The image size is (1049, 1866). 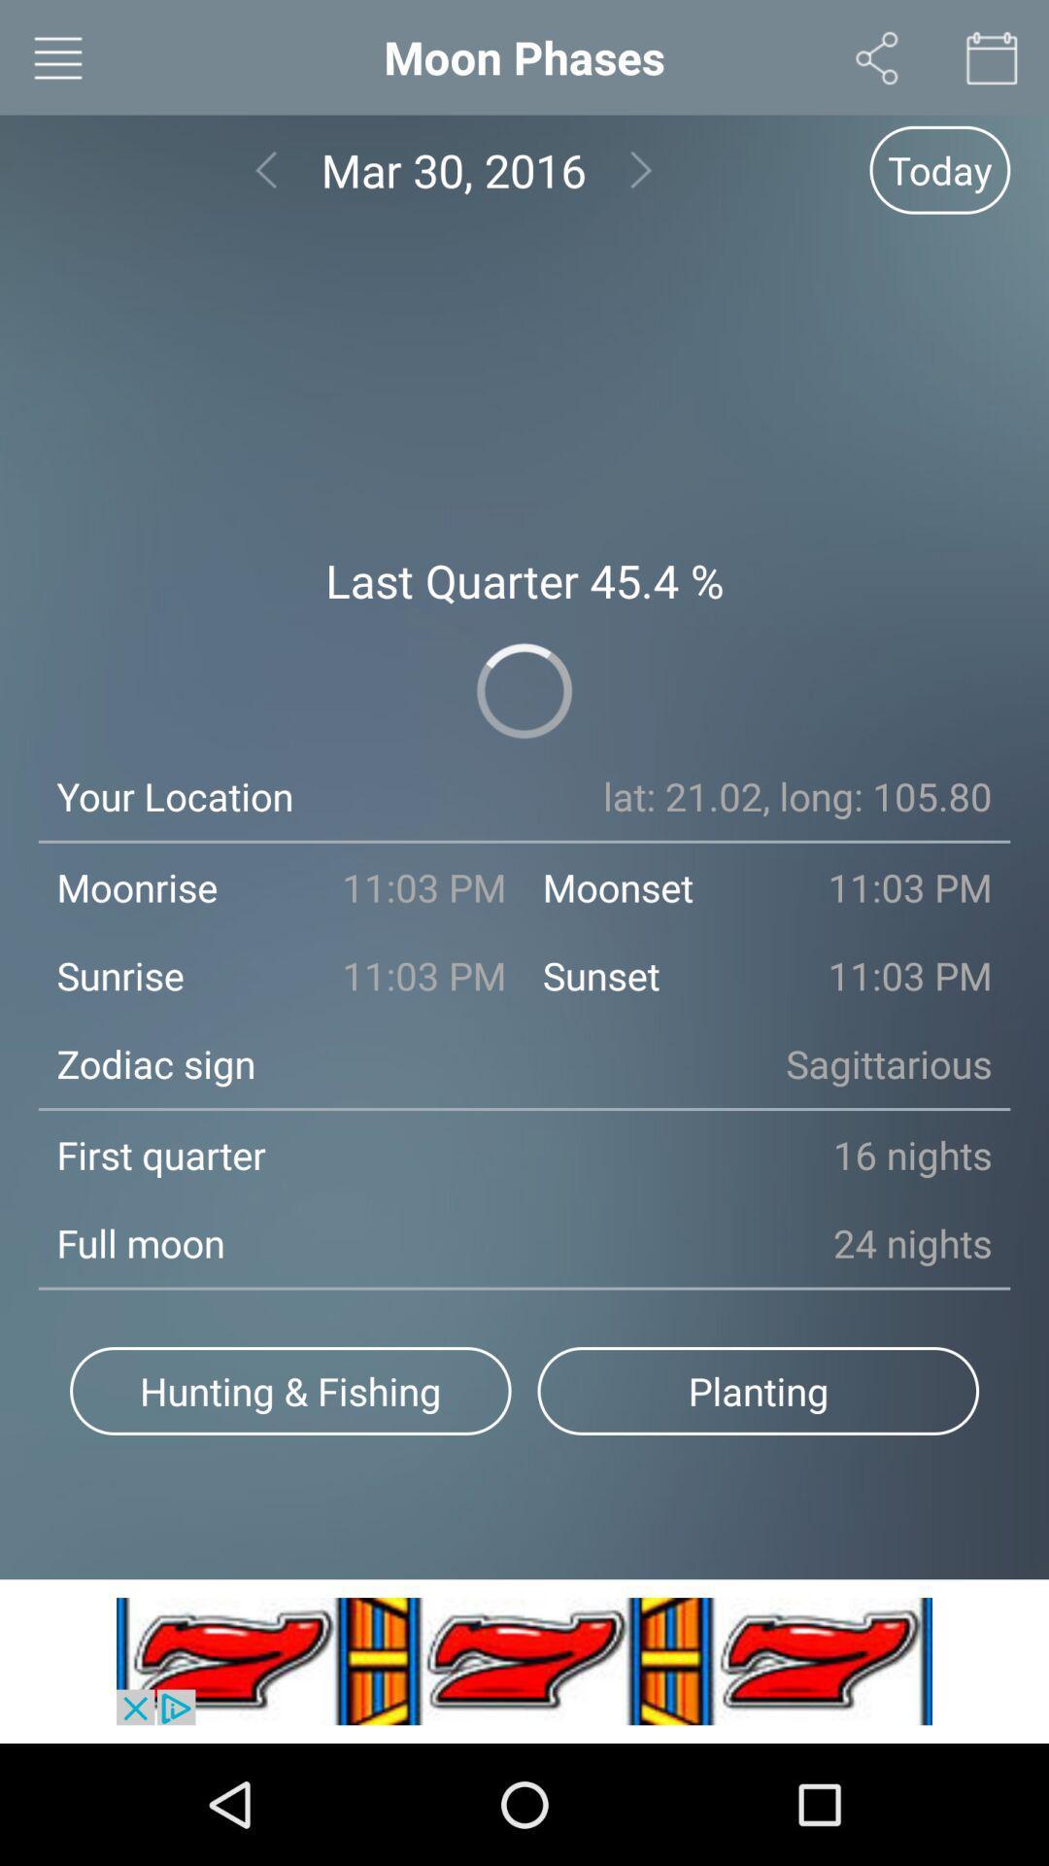 I want to click on the arrow_backward icon, so click(x=266, y=182).